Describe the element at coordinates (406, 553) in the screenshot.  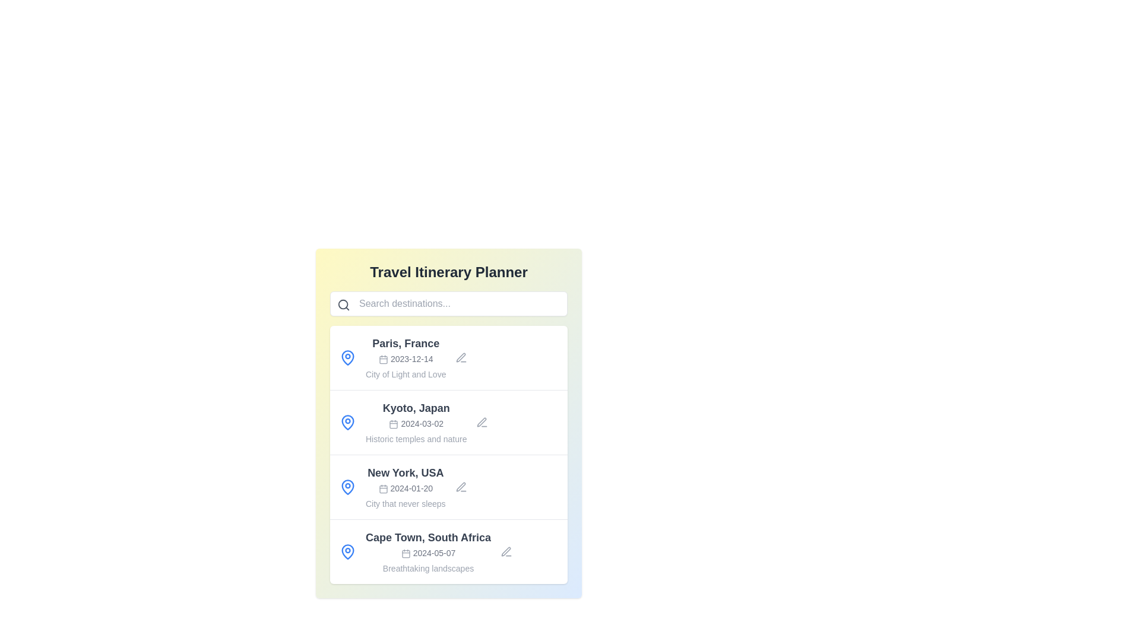
I see `the calendar icon located within the 'Cape Town, South Africa' itinerary entry, positioned to the left of the date '2024-05-07'` at that location.